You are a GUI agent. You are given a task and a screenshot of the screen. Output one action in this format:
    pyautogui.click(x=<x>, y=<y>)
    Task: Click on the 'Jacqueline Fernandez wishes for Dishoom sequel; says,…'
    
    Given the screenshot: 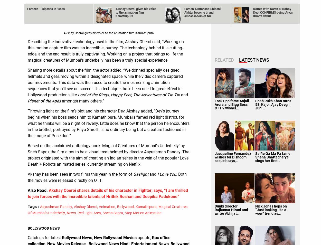 What is the action you would take?
    pyautogui.click(x=233, y=157)
    